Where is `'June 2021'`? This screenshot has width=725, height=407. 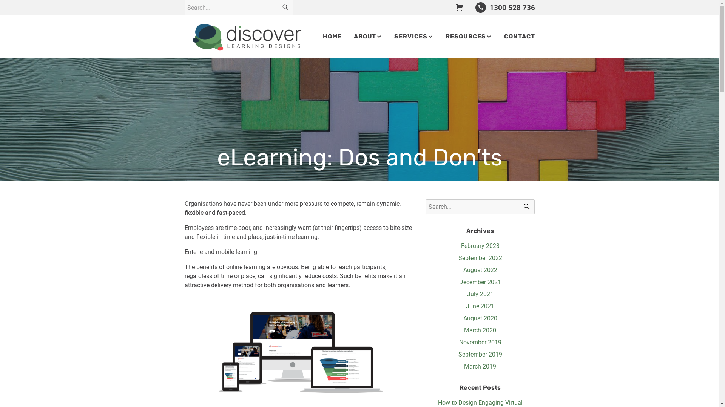
'June 2021' is located at coordinates (480, 306).